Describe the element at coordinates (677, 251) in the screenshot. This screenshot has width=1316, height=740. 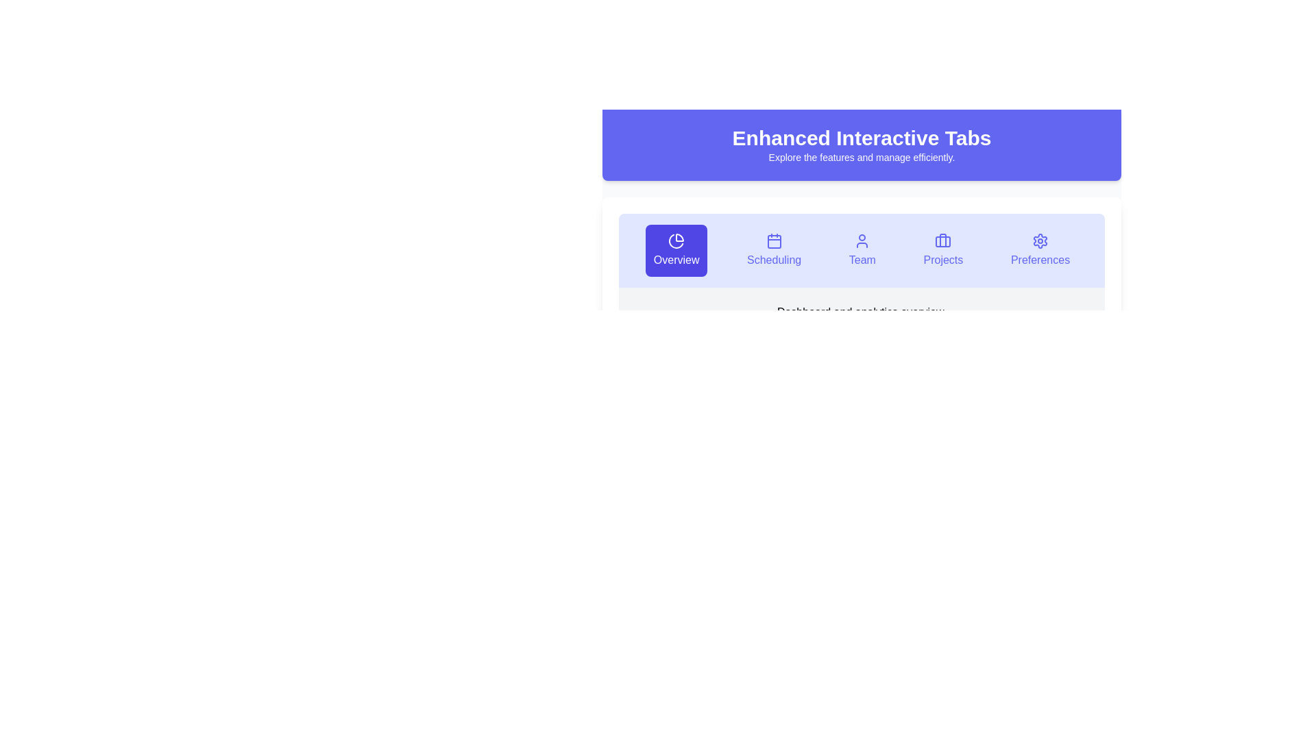
I see `the 'Overview' navigation button located in the top-center horizontal navigation bar` at that location.